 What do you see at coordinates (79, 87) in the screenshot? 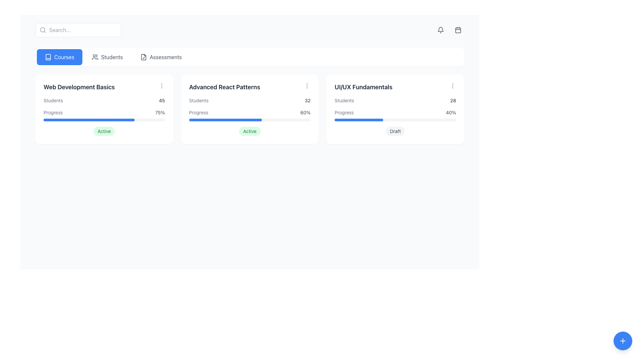
I see `the text label displaying 'Web Development Basics' in bold, large dark gray font, located at the top of the first card in the main content area` at bounding box center [79, 87].